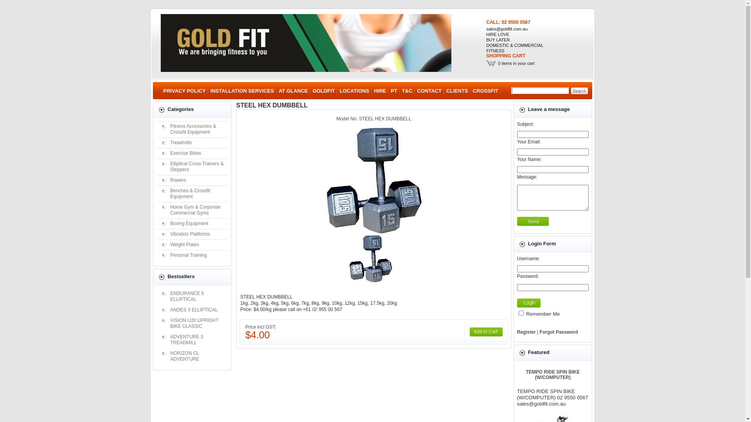 The width and height of the screenshot is (751, 422). What do you see at coordinates (485, 90) in the screenshot?
I see `'CROSSFIT'` at bounding box center [485, 90].